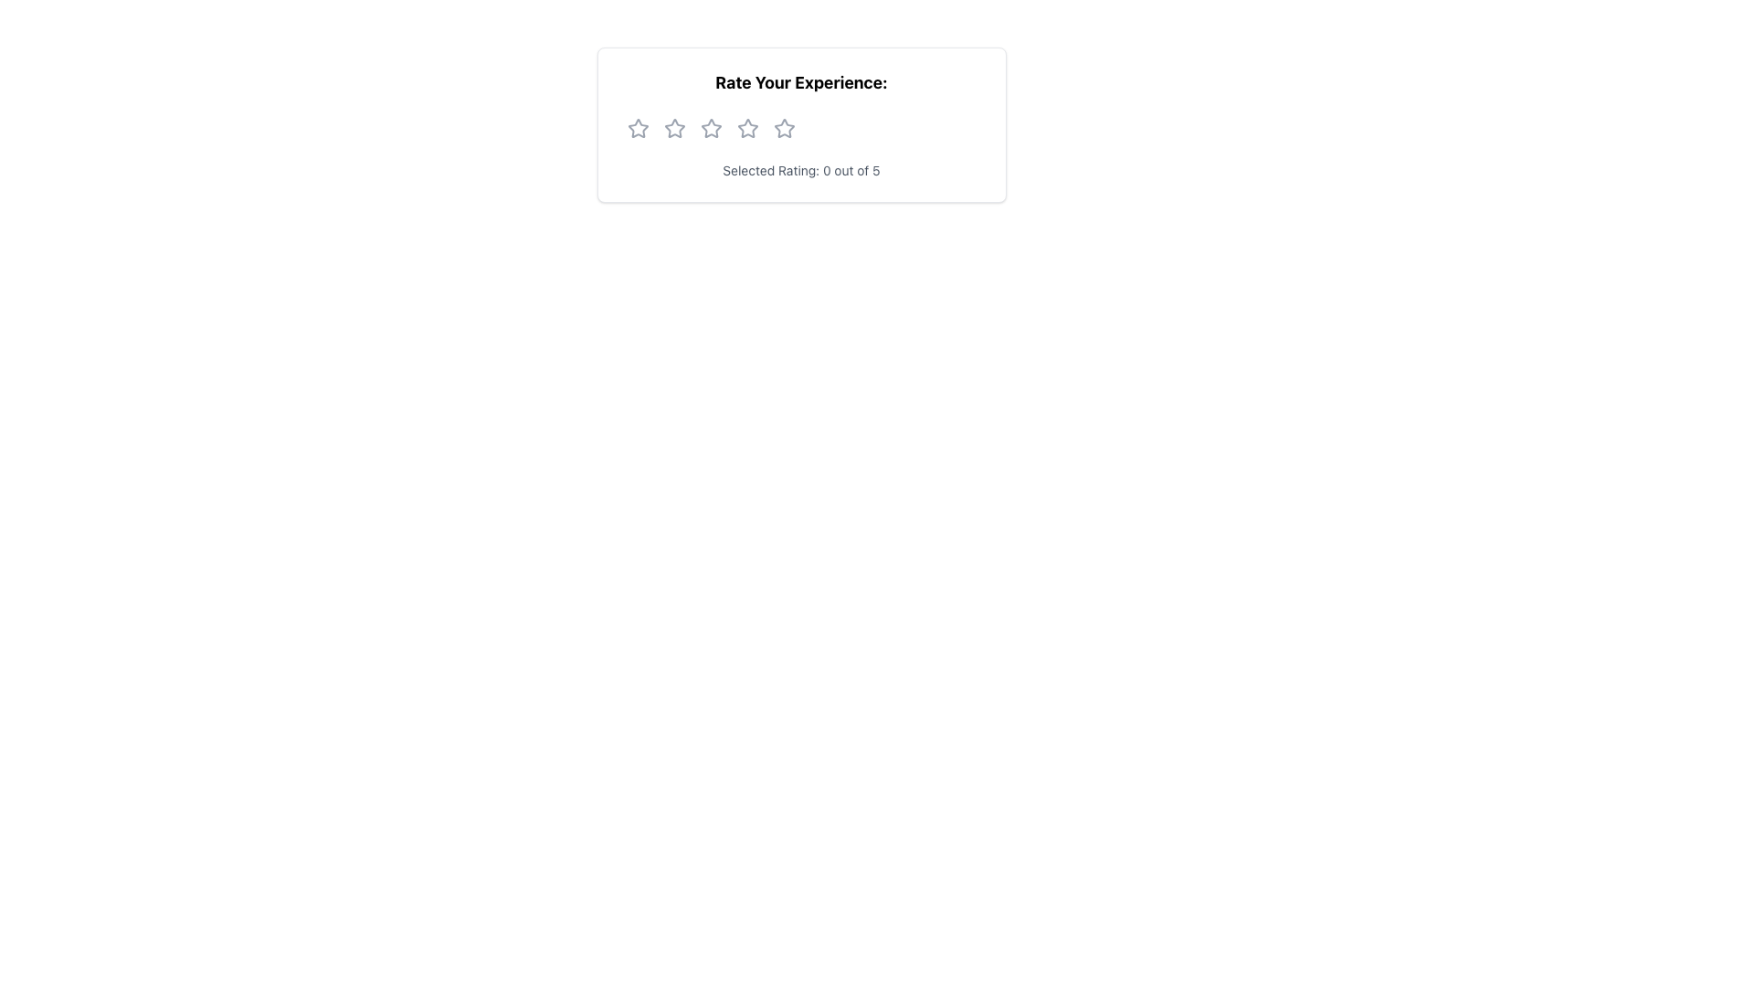 The image size is (1754, 987). I want to click on the third star-shaped icon in the star rating interface located beneath the prompt 'Rate Your Experience:', so click(710, 128).